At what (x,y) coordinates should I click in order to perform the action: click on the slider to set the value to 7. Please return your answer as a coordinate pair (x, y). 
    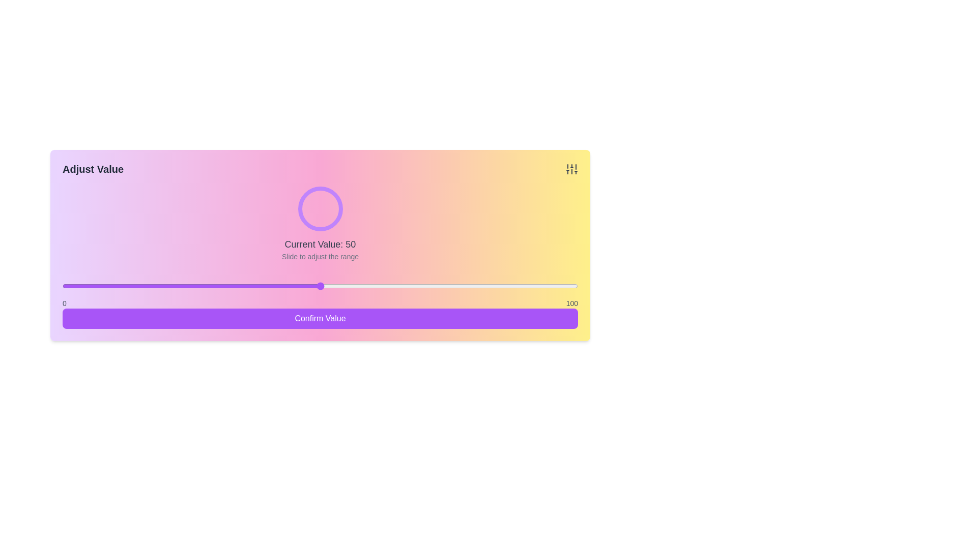
    Looking at the image, I should click on (98, 286).